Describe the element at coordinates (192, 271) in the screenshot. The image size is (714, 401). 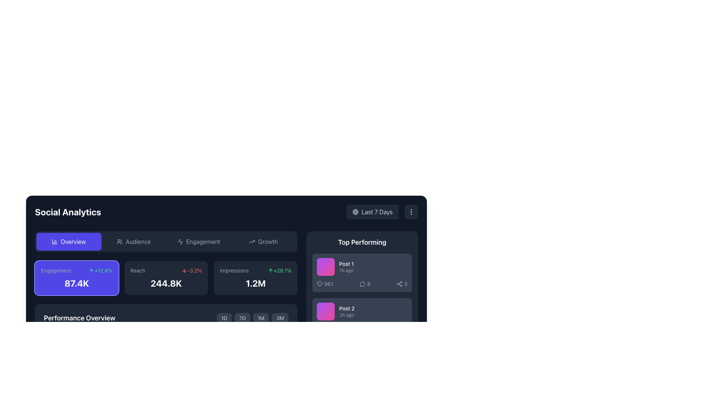
I see `percentage decrease in the metric for 'Reach' indicated by the text and the red downward arrow icon located in the middle of the row of metrics` at that location.